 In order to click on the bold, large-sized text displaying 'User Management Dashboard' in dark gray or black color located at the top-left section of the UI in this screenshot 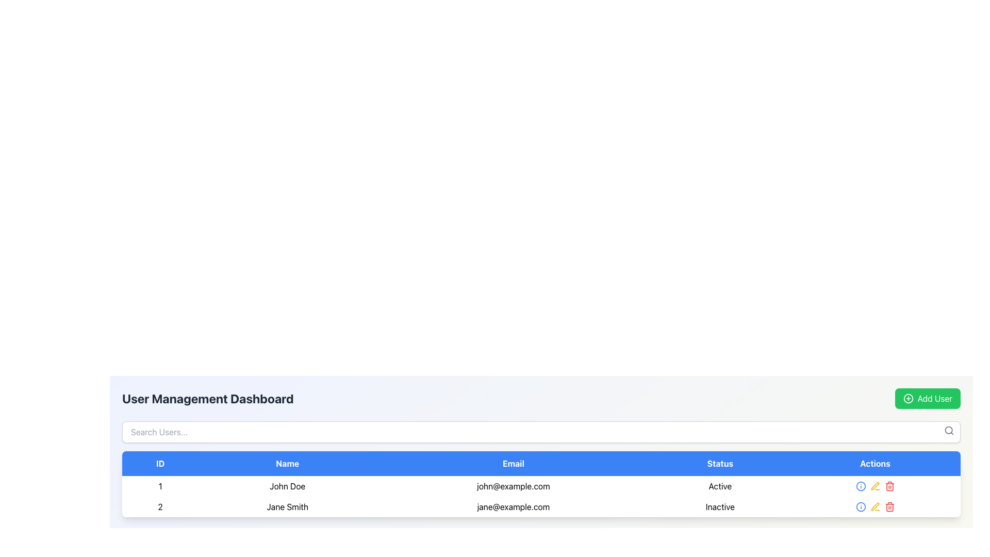, I will do `click(207, 398)`.